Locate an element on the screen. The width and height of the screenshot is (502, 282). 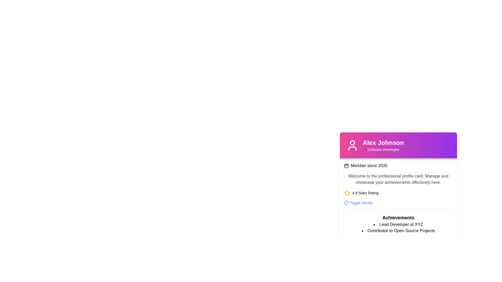
the gray text block containing the welcoming message about managing and showcasing achievements, which is centrally located within the profile card, positioned below the 'Member since 2020' text and above the '4.9 Stars Rating' component is located at coordinates (398, 179).